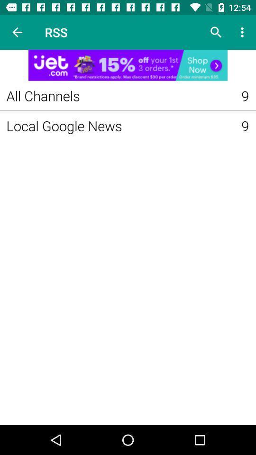 This screenshot has height=455, width=256. I want to click on advertisement, so click(128, 64).